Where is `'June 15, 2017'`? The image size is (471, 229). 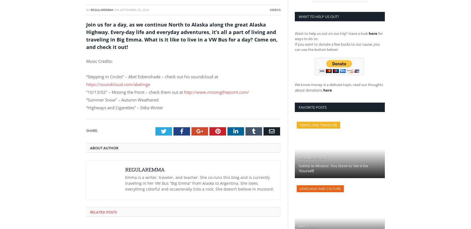
'June 15, 2017' is located at coordinates (298, 226).